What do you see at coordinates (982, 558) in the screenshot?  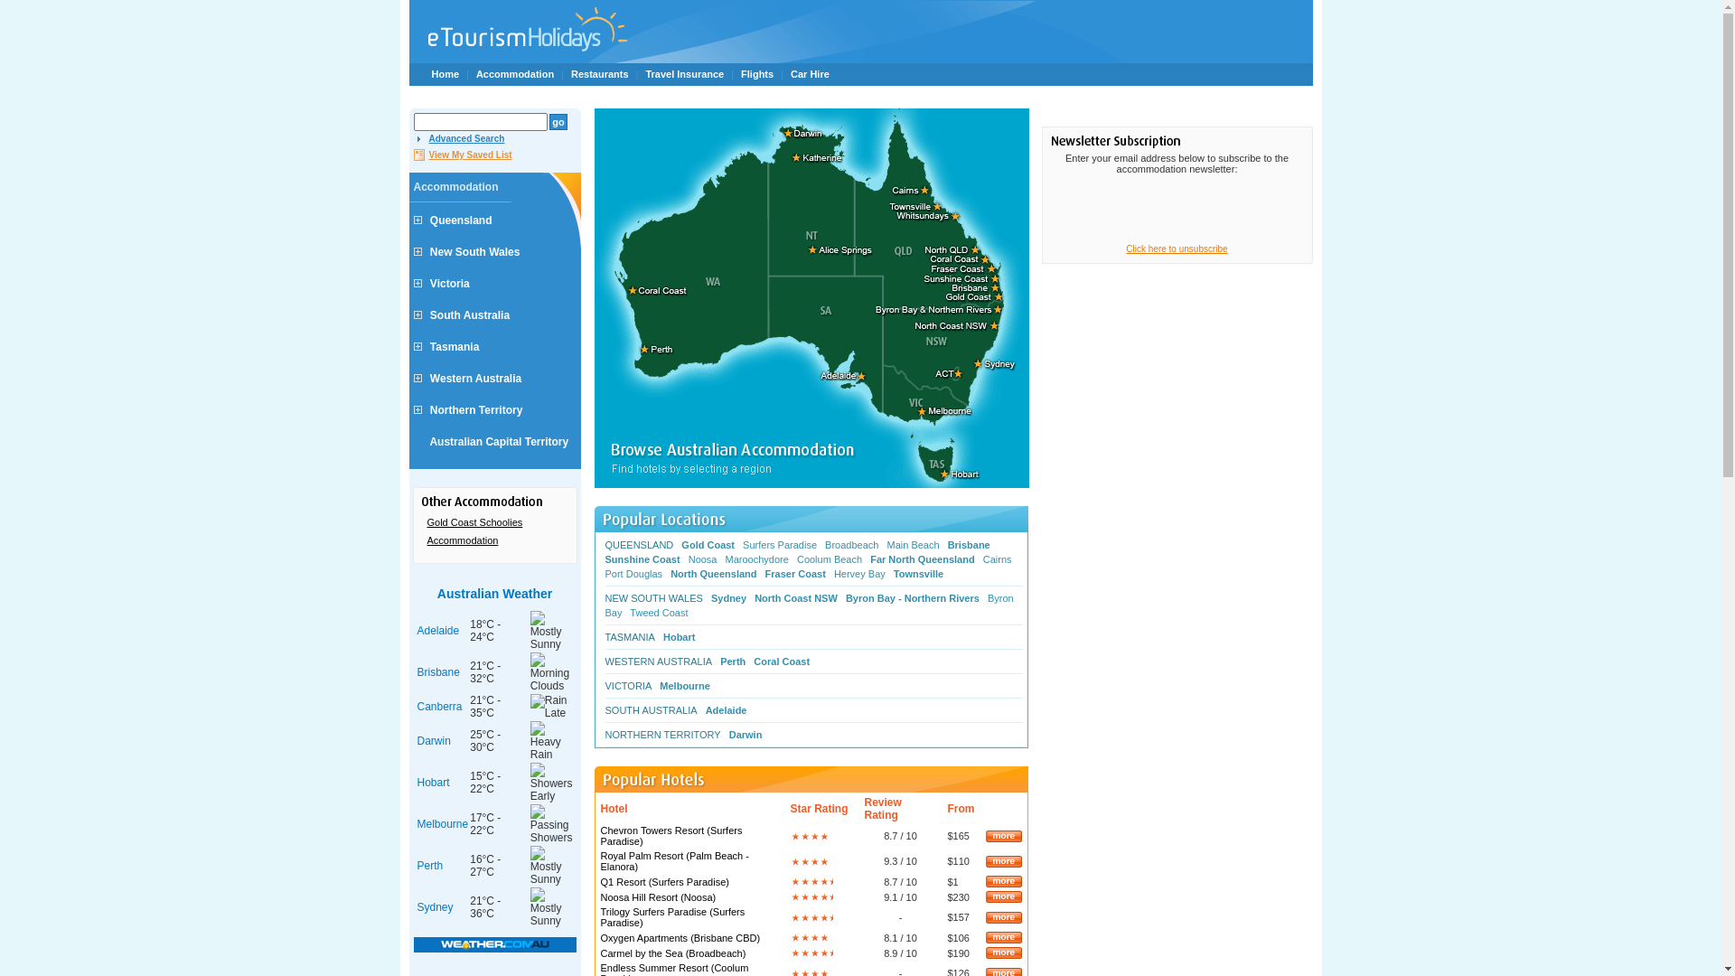 I see `'Cairns'` at bounding box center [982, 558].